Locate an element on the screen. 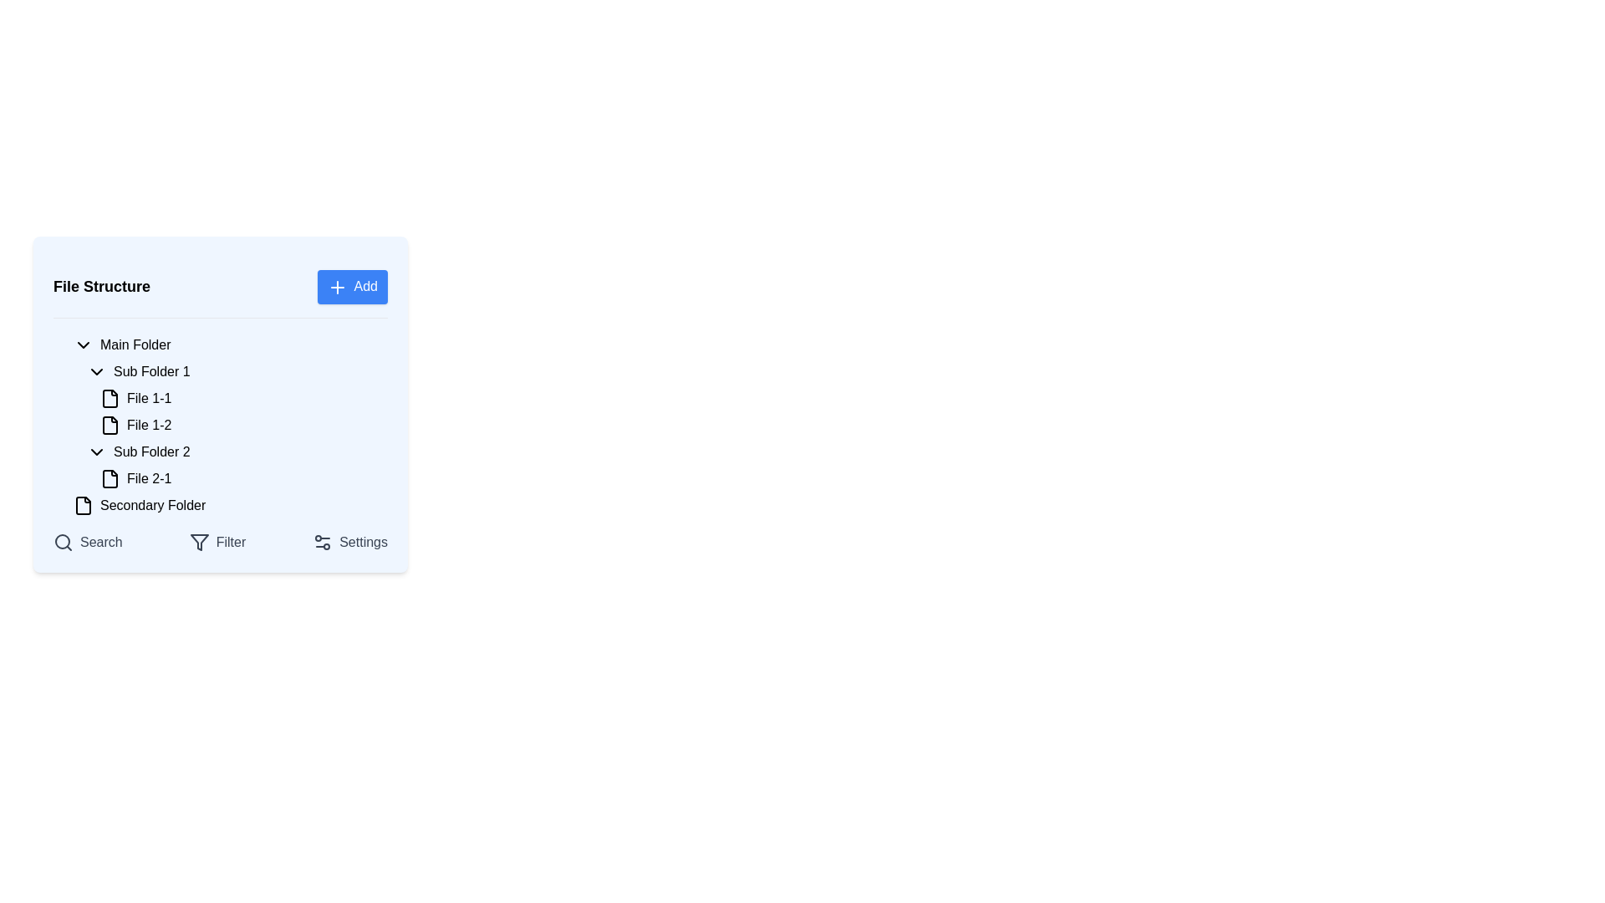 Image resolution: width=1605 pixels, height=903 pixels. the file icon representing 'File 1-2', which is located under the 'File Structure' section, specifically positioned to the left of the text label 'File 1-2' within the 'Sub Folder 1' hierarchy is located at coordinates (110, 424).